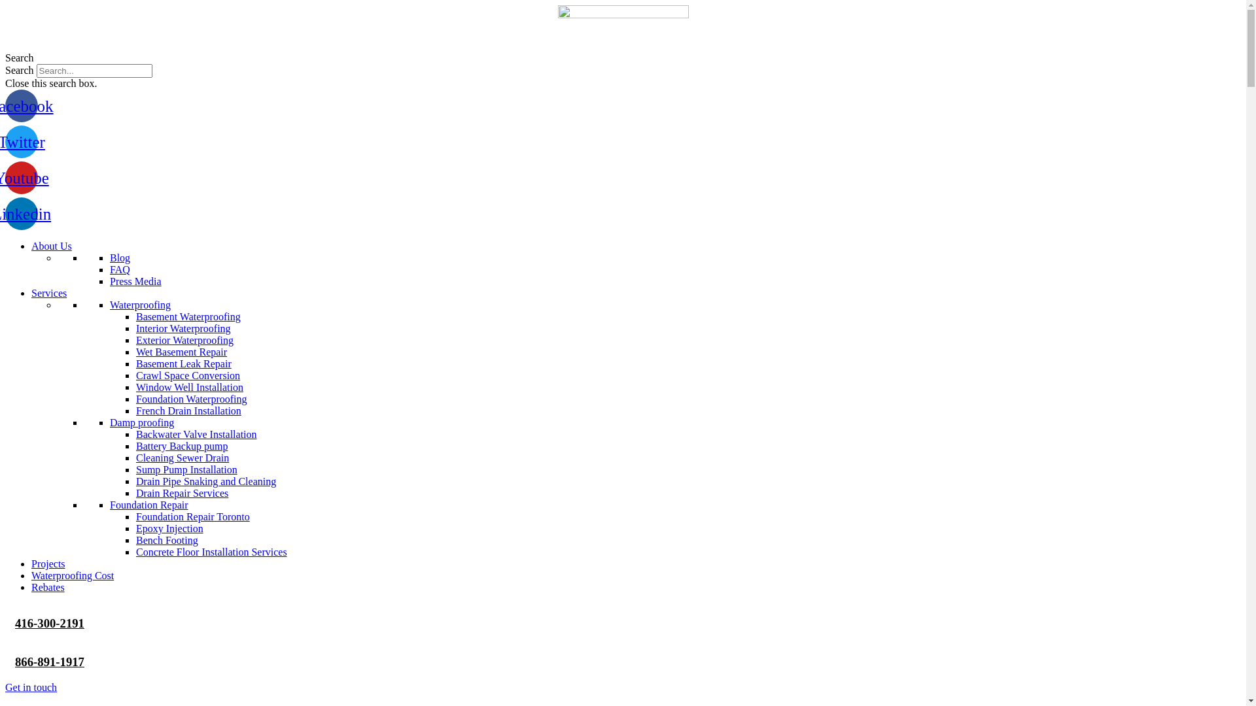 The width and height of the screenshot is (1256, 706). Describe the element at coordinates (188, 316) in the screenshot. I see `'Basement Waterproofing'` at that location.